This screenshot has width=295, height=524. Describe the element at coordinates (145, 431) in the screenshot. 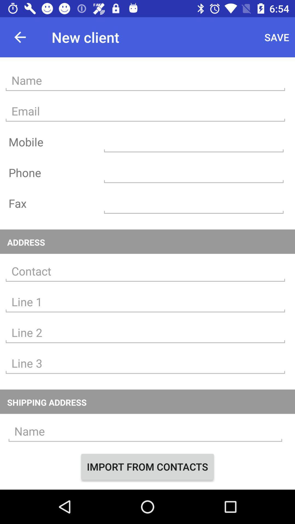

I see `the item above import from contacts item` at that location.